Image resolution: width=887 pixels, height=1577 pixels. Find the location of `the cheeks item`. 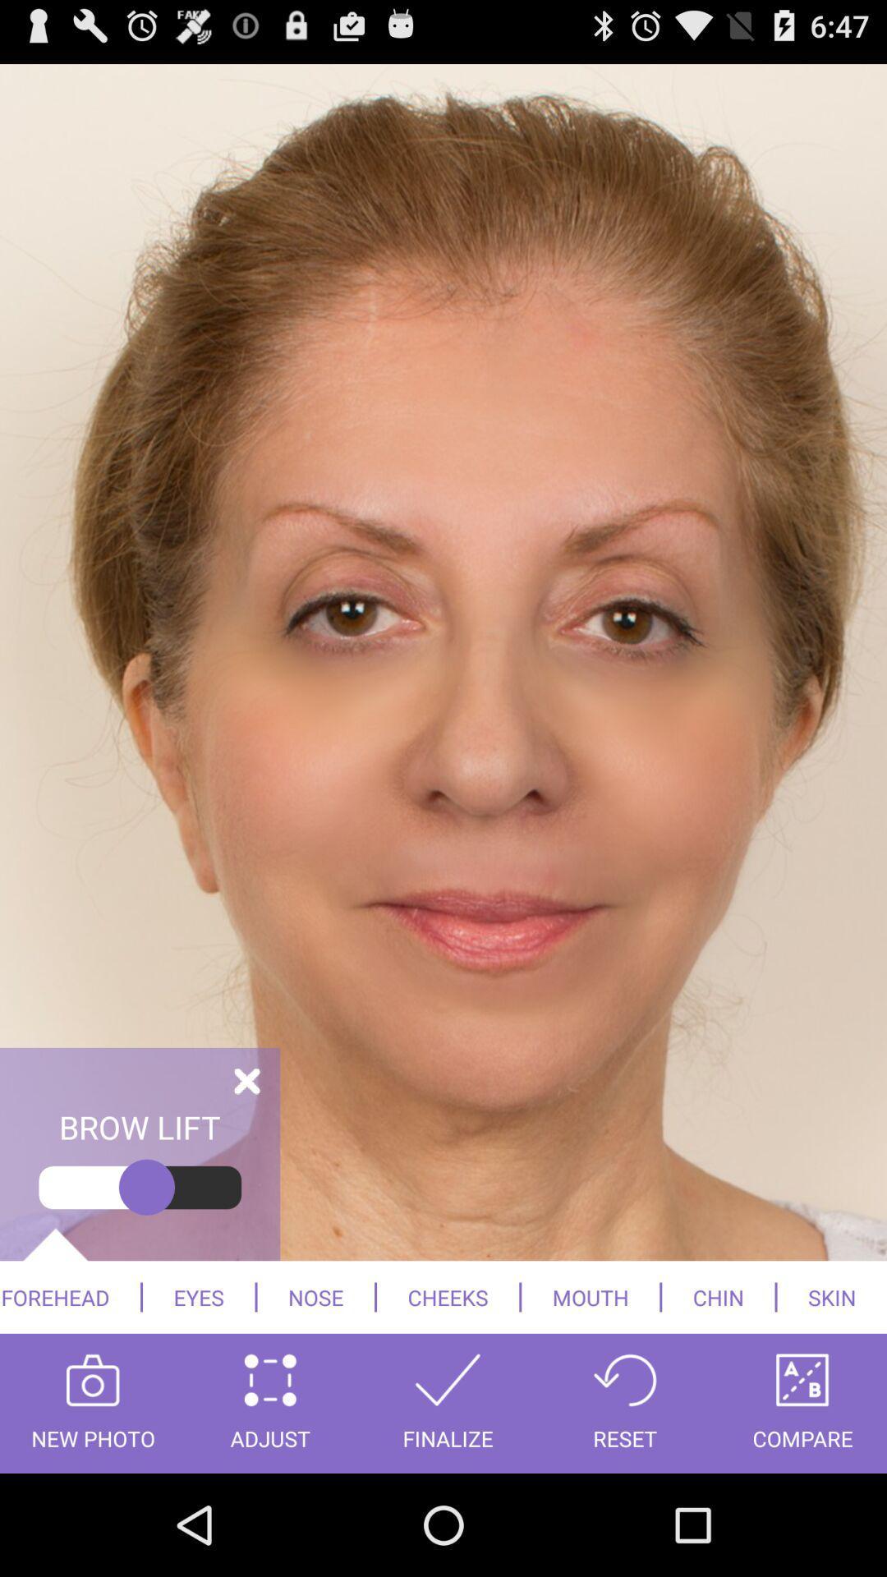

the cheeks item is located at coordinates (448, 1296).